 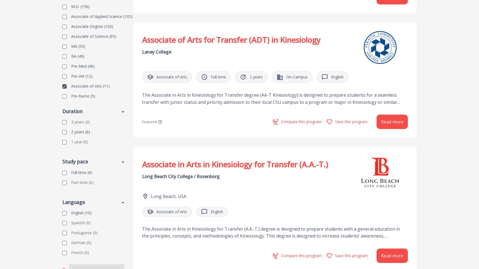 I want to click on '(100)', so click(x=109, y=26).